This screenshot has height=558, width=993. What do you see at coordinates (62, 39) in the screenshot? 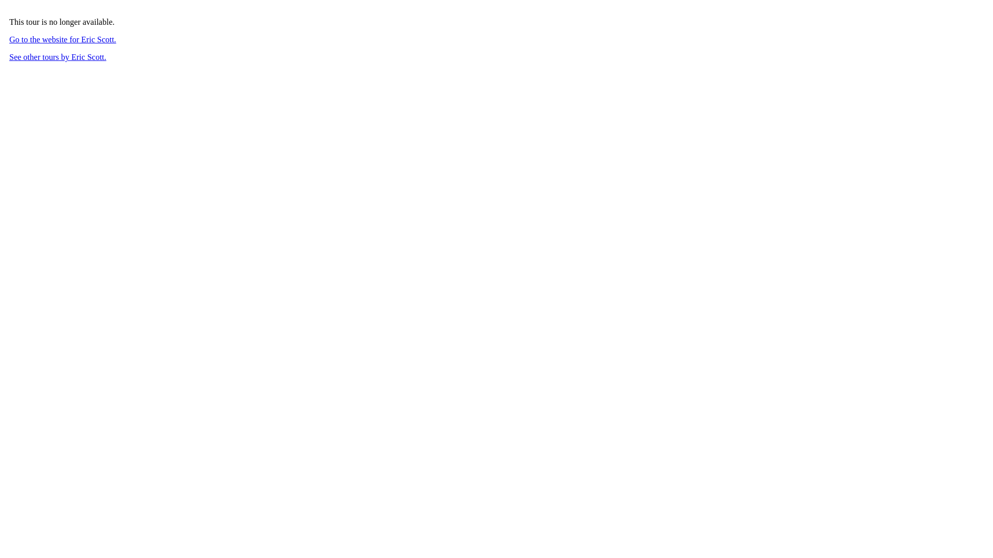
I see `'Go to the website for Eric Scott.'` at bounding box center [62, 39].